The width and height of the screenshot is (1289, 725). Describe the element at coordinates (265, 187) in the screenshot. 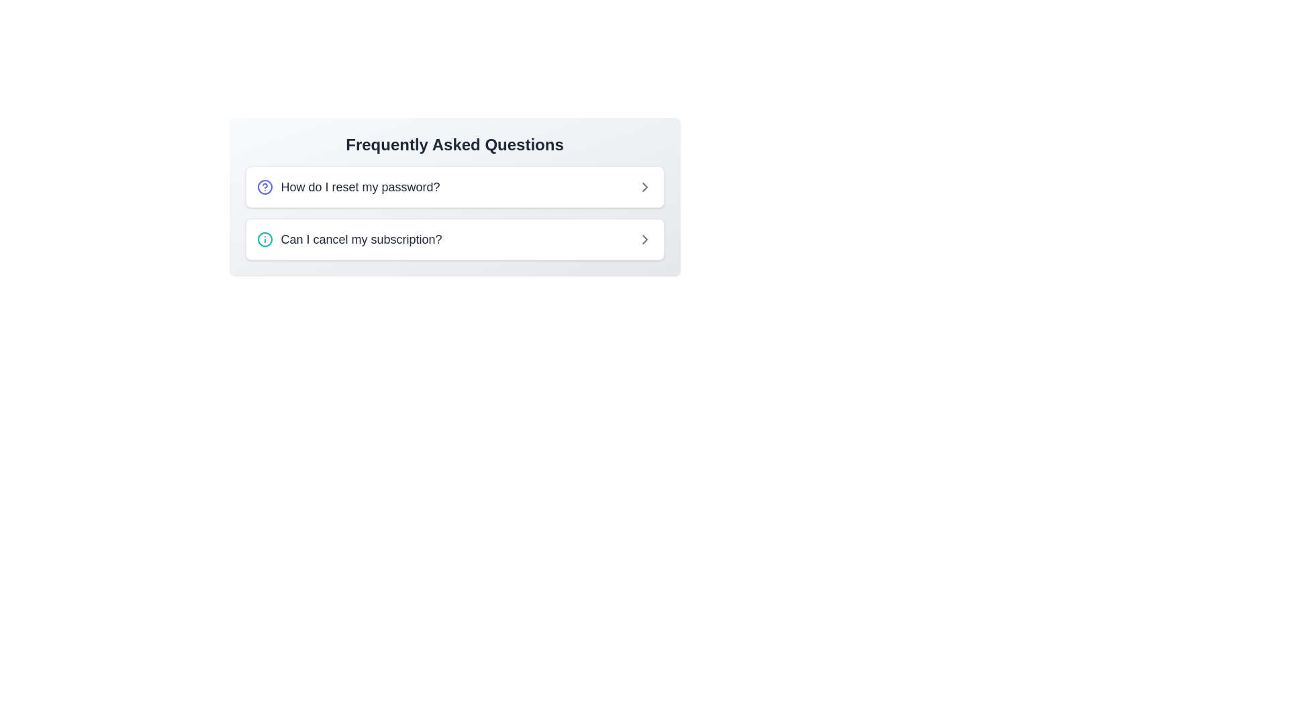

I see `the indigo circular SVG graphic icon located within the first FAQ list item, adjacent to the text 'How do I reset my password?'` at that location.